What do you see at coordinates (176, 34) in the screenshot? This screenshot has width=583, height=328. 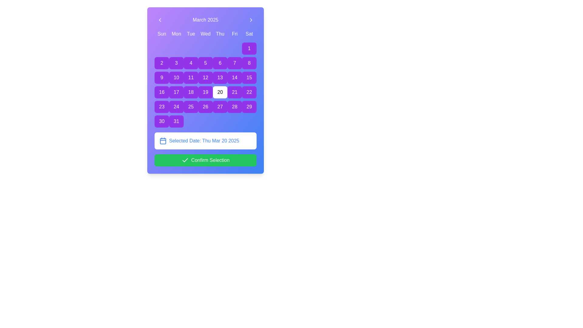 I see `the label for Monday in the weekly day header of the calendar interface, which is the second element in a horizontal layout of days of the week` at bounding box center [176, 34].